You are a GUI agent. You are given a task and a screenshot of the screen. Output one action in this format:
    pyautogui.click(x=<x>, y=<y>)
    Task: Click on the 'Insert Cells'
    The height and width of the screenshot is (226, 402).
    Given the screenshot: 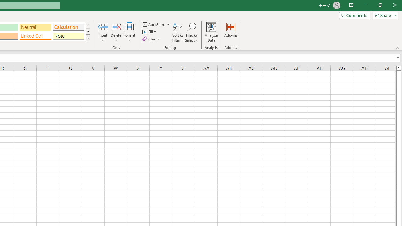 What is the action you would take?
    pyautogui.click(x=103, y=26)
    